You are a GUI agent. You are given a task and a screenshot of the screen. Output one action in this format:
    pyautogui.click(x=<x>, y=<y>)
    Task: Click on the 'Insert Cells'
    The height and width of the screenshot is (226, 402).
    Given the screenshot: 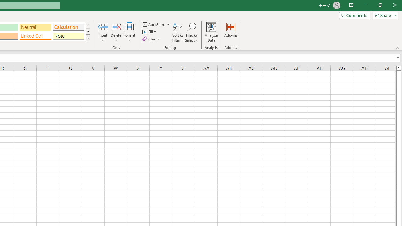 What is the action you would take?
    pyautogui.click(x=103, y=26)
    